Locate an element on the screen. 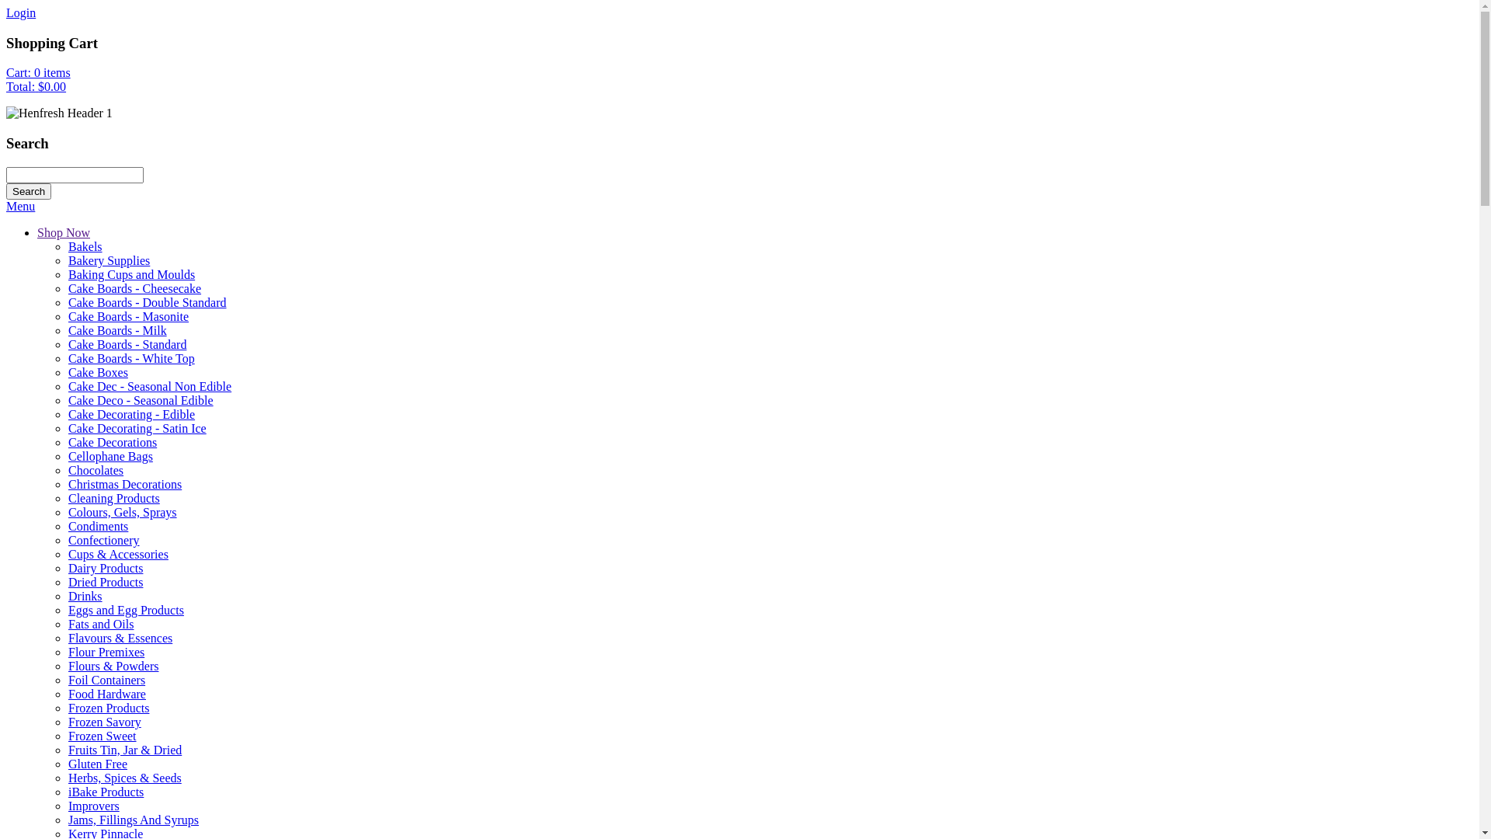 The width and height of the screenshot is (1491, 839). 'Dried Products' is located at coordinates (104, 582).